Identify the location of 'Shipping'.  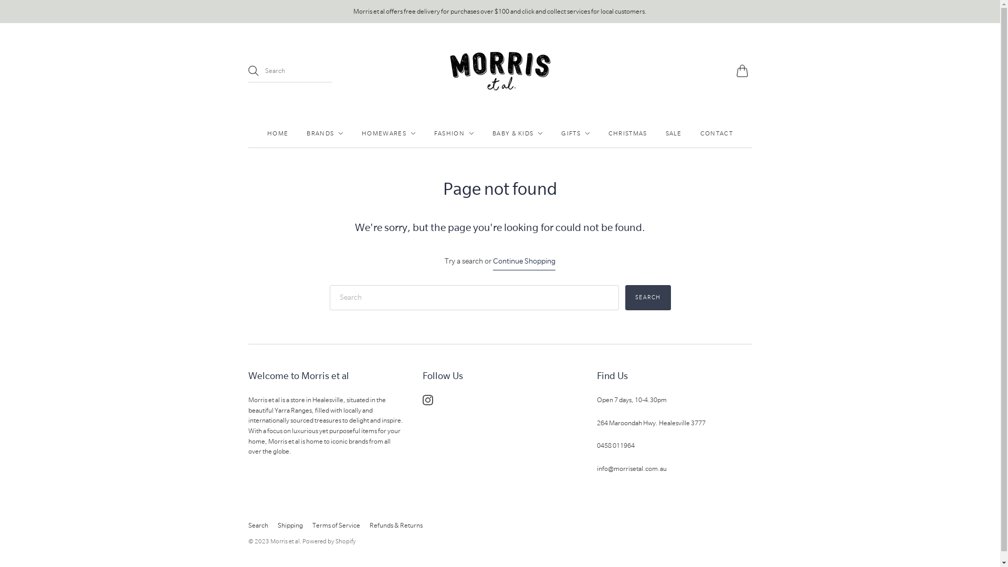
(290, 525).